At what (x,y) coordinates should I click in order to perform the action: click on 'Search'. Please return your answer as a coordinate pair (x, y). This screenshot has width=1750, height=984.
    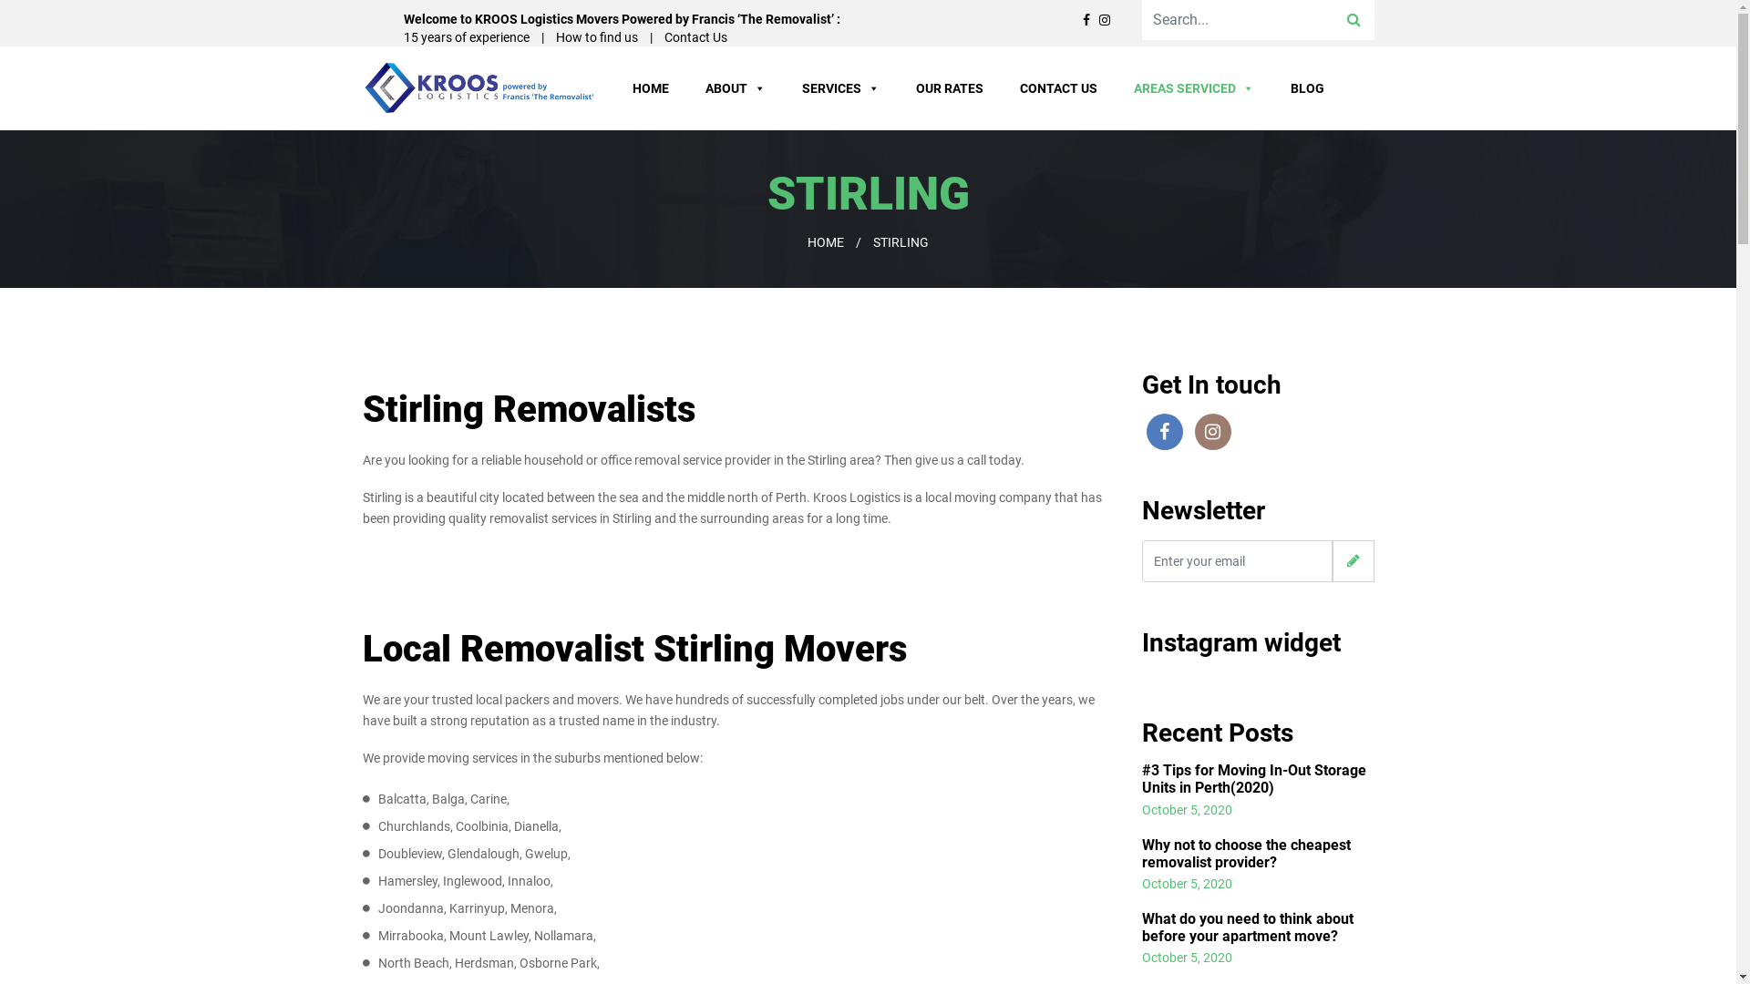
    Looking at the image, I should click on (1333, 20).